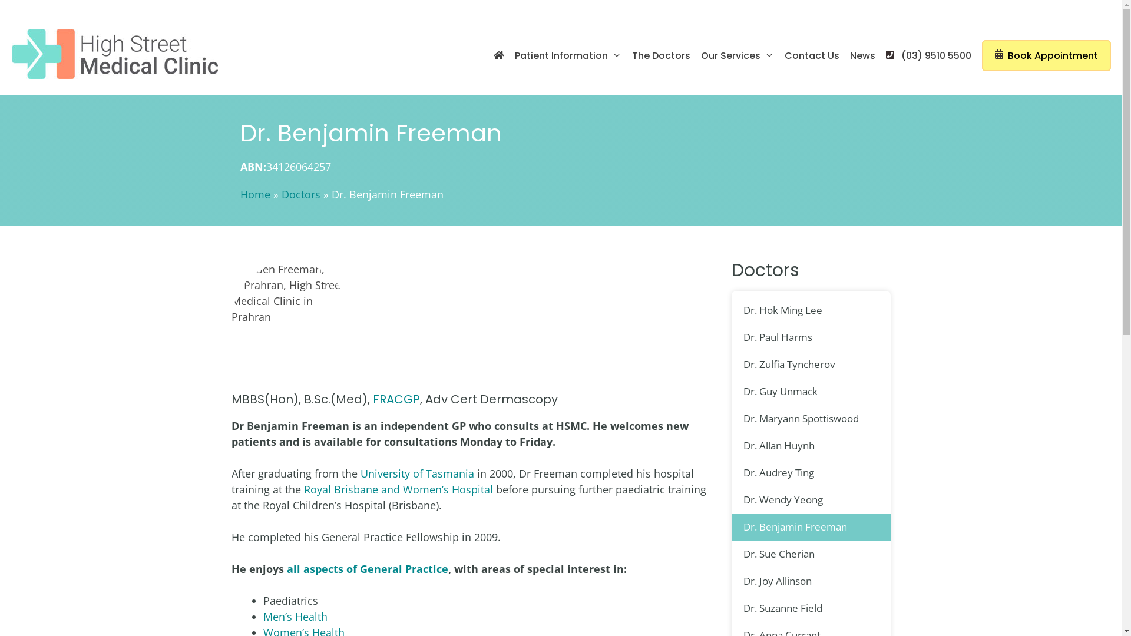 Image resolution: width=1131 pixels, height=636 pixels. I want to click on 'Doctors', so click(300, 194).